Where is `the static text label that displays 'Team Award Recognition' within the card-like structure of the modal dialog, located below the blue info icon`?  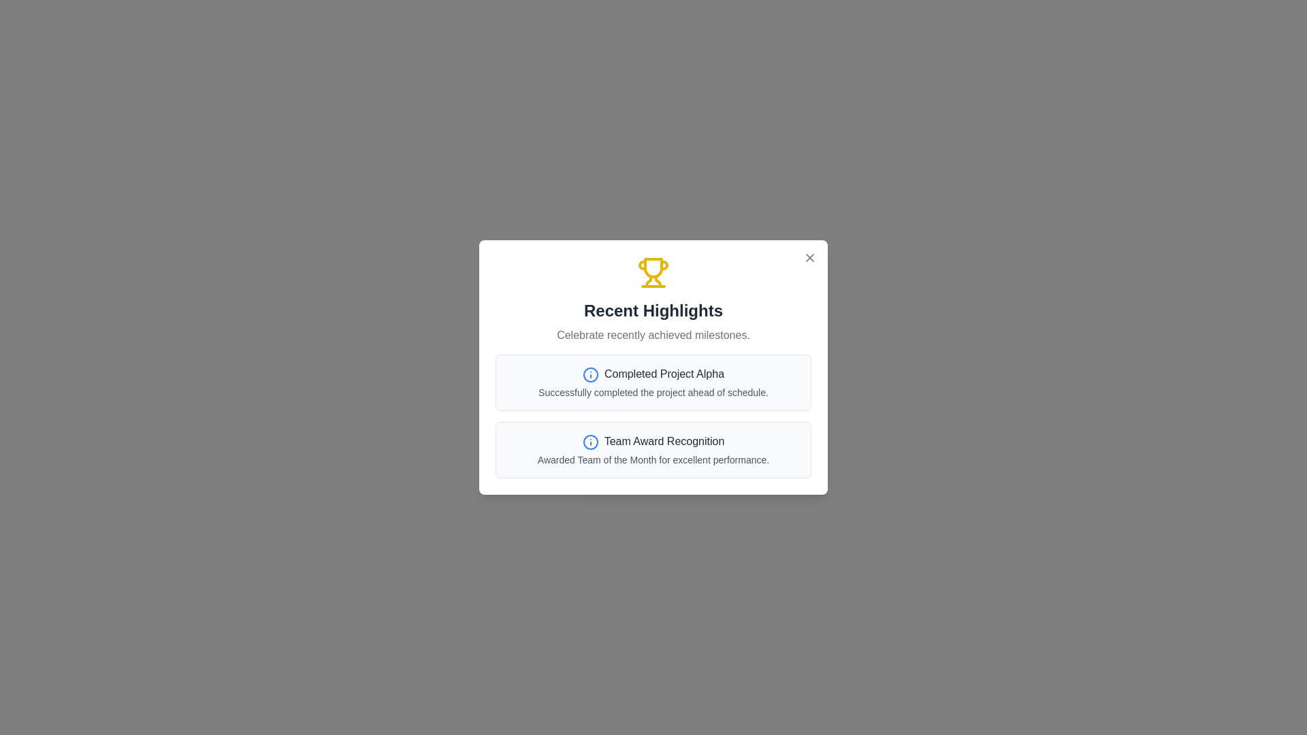
the static text label that displays 'Team Award Recognition' within the card-like structure of the modal dialog, located below the blue info icon is located at coordinates (664, 441).